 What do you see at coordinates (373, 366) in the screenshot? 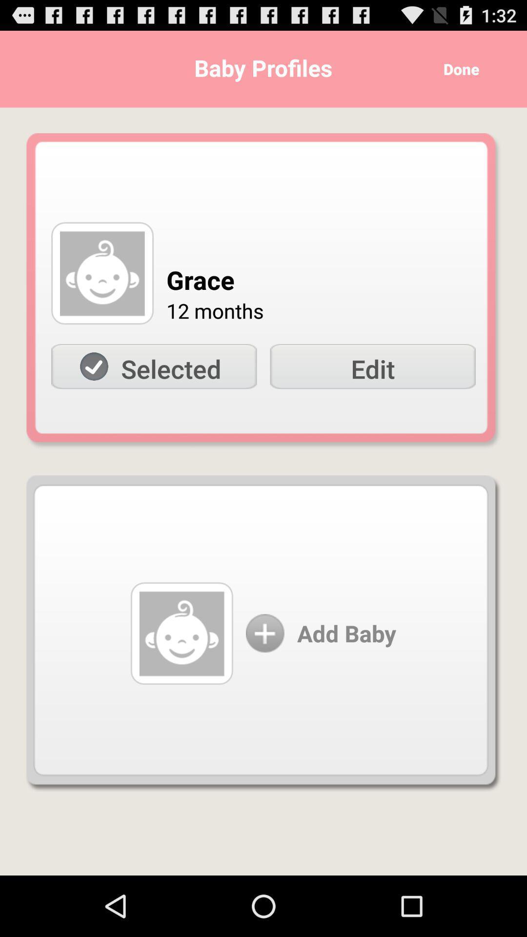
I see `icon below the done item` at bounding box center [373, 366].